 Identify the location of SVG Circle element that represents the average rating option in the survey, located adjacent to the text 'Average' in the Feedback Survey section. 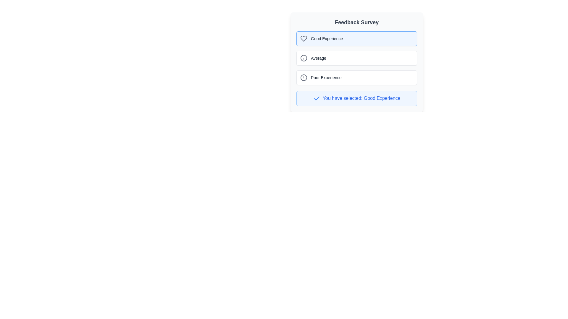
(304, 58).